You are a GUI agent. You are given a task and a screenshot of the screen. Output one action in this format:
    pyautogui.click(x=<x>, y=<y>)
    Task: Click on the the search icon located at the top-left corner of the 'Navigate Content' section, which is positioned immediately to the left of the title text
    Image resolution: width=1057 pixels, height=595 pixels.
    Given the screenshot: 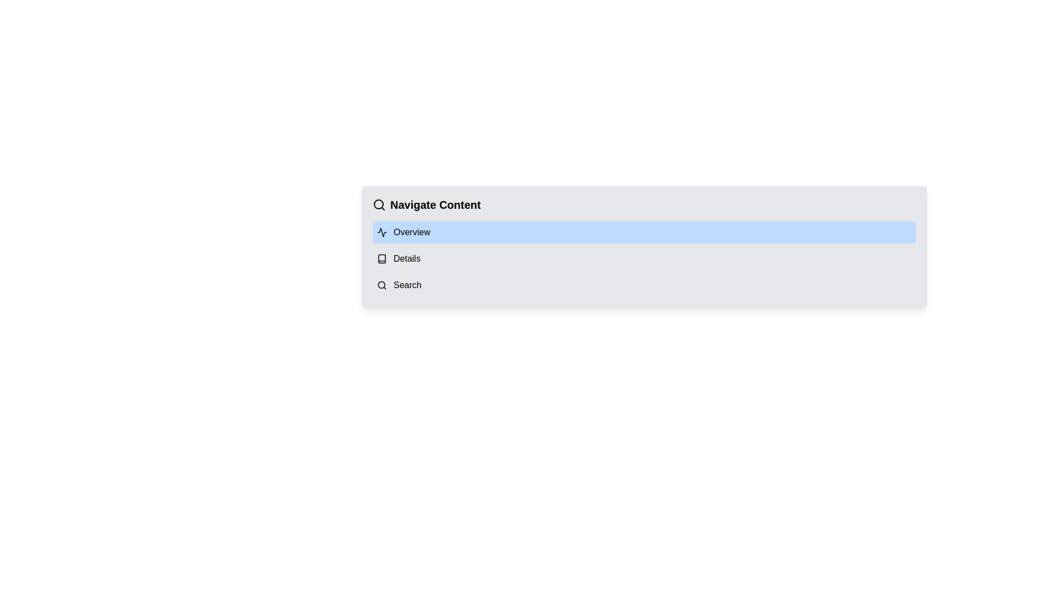 What is the action you would take?
    pyautogui.click(x=379, y=204)
    